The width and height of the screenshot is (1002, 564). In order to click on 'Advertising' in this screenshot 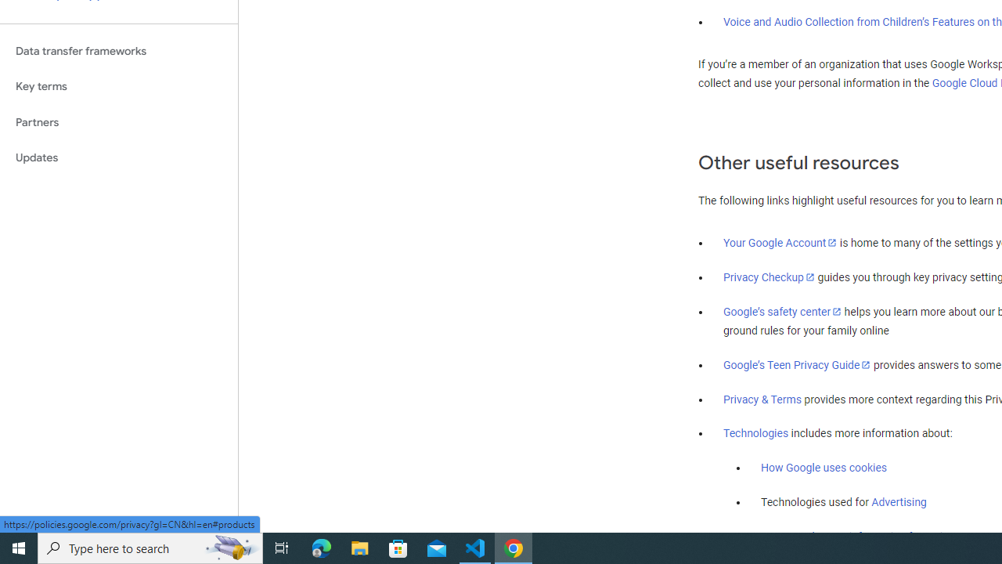, I will do `click(899, 502)`.